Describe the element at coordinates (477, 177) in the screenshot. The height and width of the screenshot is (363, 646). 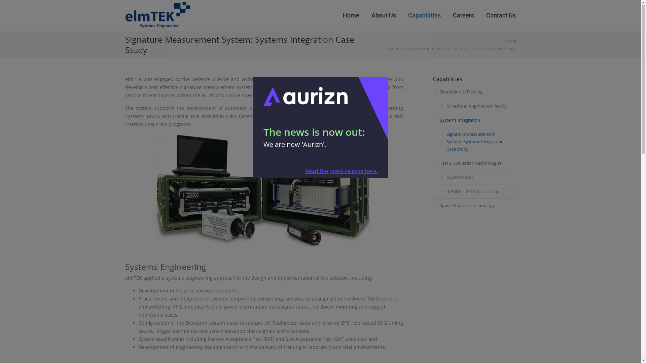
I see `'CEDAR OWAT'` at that location.